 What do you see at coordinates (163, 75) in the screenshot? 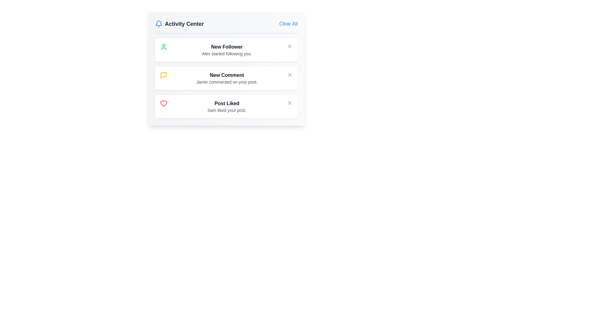
I see `the yellow speech bubble icon representing the 'New Comment' notification in the activity list, located on the left side of the second entry` at bounding box center [163, 75].